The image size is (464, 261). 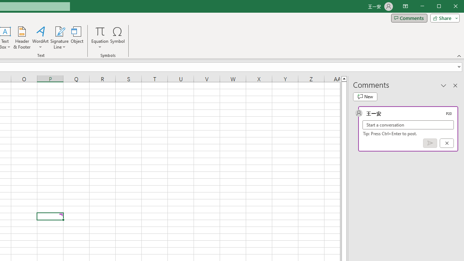 I want to click on 'Post comment (Ctrl + Enter)', so click(x=430, y=143).